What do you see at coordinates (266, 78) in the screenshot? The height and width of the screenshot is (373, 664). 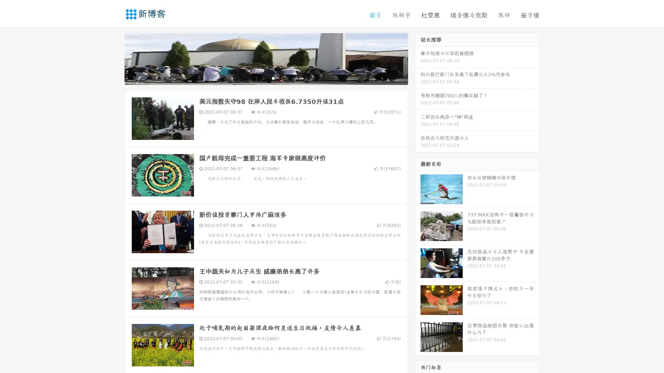 I see `Go to slide 2` at bounding box center [266, 78].